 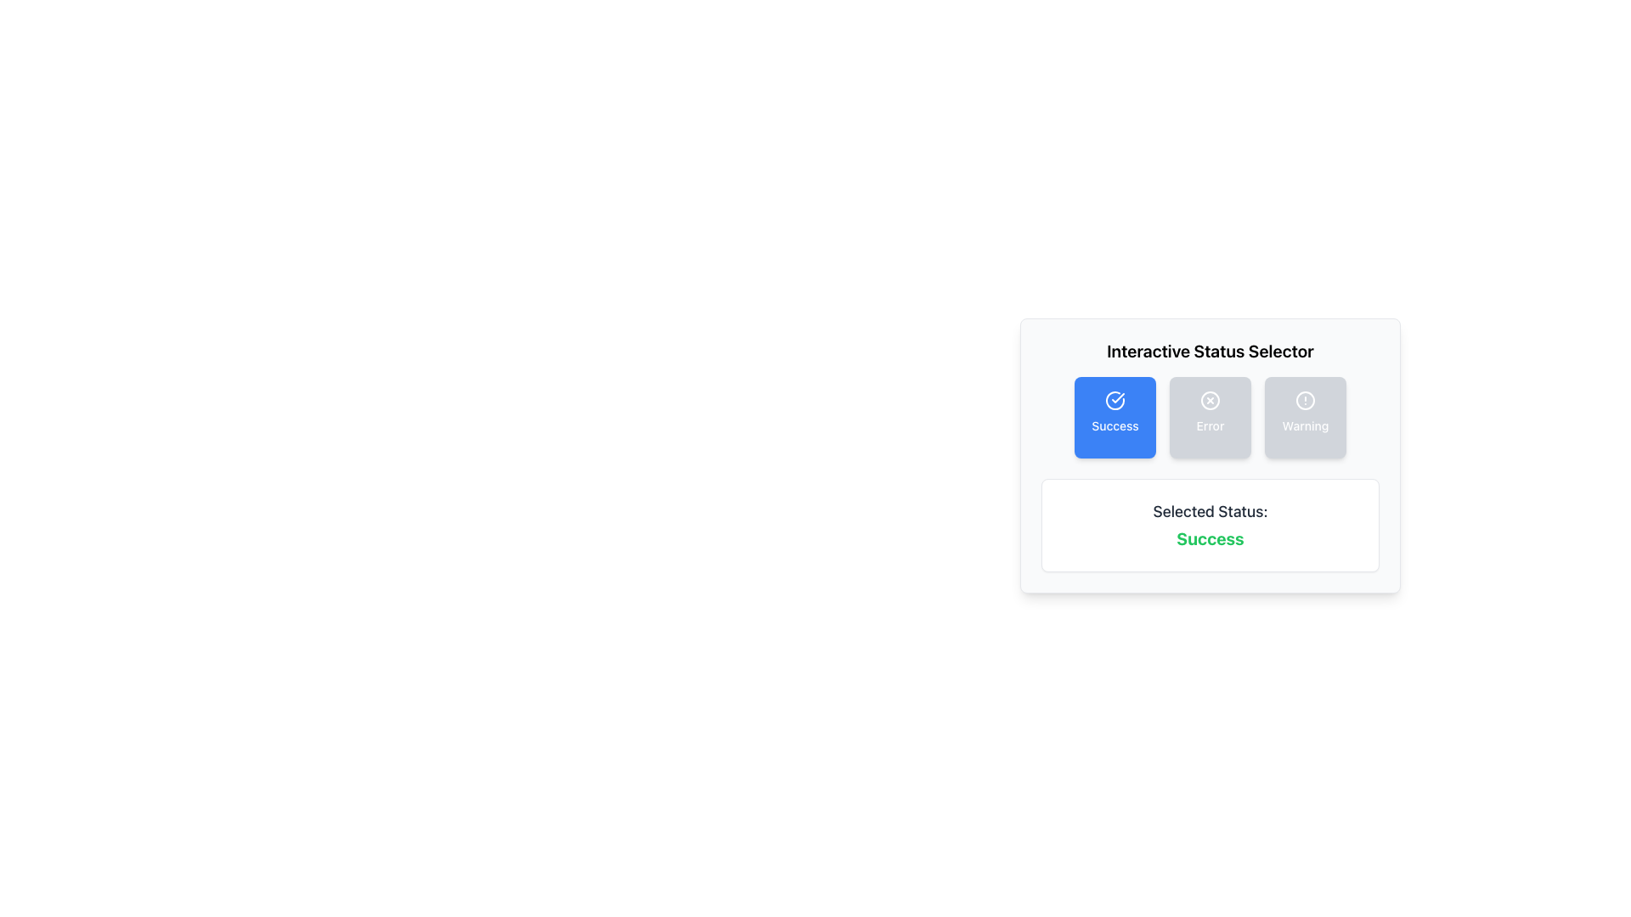 What do you see at coordinates (1304, 418) in the screenshot?
I see `the 'Warning' status button located in the top-right corner of the button group` at bounding box center [1304, 418].